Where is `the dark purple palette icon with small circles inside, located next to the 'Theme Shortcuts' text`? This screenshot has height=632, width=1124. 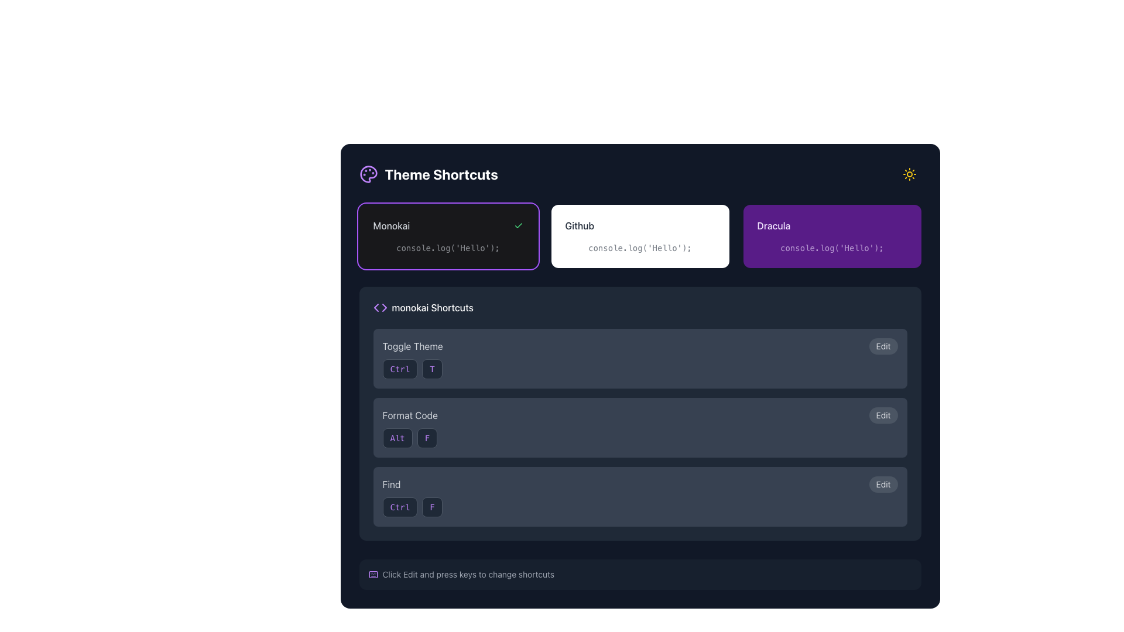 the dark purple palette icon with small circles inside, located next to the 'Theme Shortcuts' text is located at coordinates (368, 174).